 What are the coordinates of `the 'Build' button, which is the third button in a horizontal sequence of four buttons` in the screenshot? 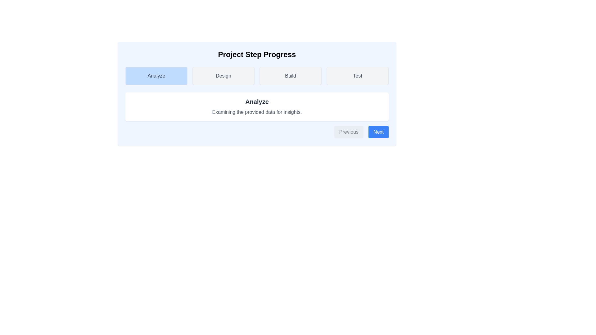 It's located at (290, 76).